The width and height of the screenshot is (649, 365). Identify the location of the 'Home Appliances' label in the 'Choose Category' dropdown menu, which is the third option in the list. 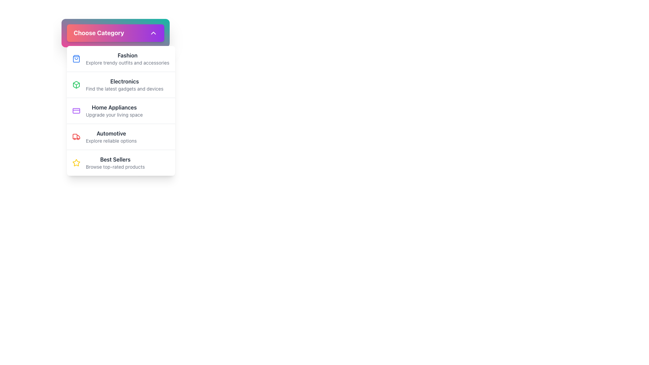
(114, 107).